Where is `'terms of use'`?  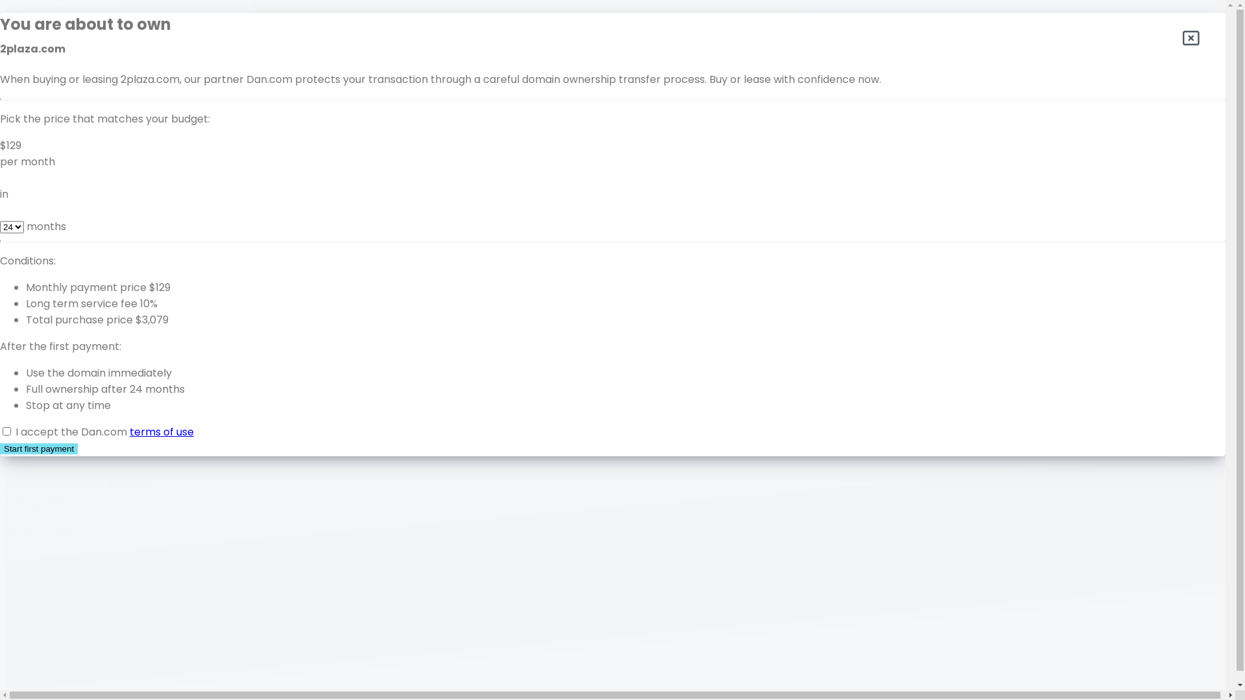
'terms of use' is located at coordinates (130, 432).